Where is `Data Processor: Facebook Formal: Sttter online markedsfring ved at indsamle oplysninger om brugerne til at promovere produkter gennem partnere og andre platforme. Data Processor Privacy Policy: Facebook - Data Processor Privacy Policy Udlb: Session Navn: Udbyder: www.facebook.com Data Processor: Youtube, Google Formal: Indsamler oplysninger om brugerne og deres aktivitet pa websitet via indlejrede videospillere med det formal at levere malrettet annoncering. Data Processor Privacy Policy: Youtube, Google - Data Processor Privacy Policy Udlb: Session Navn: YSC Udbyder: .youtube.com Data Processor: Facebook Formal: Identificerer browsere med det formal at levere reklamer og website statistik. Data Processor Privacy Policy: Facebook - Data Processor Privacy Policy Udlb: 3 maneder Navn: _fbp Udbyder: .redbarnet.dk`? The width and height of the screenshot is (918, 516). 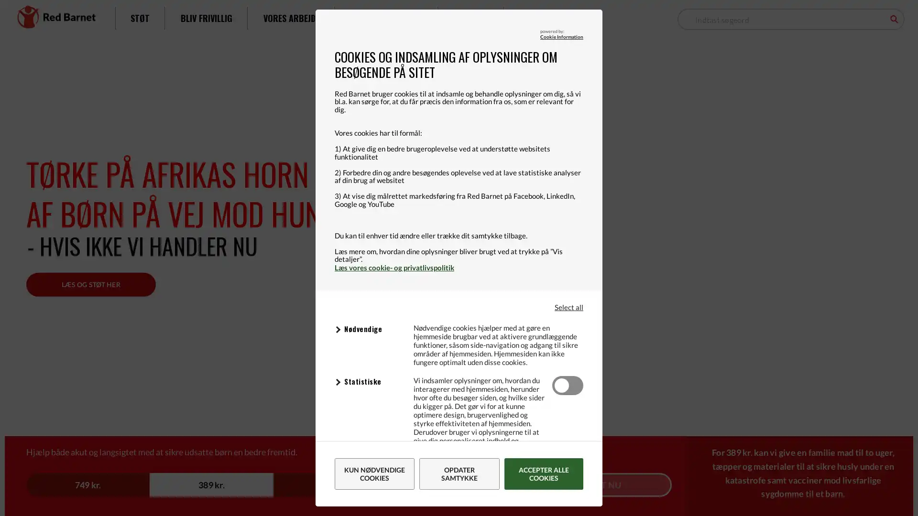 Data Processor: Facebook Formal: Sttter online markedsfring ved at indsamle oplysninger om brugerne til at promovere produkter gennem partnere og andre platforme. Data Processor Privacy Policy: Facebook - Data Processor Privacy Policy Udlb: Session Navn: Udbyder: www.facebook.com Data Processor: Youtube, Google Formal: Indsamler oplysninger om brugerne og deres aktivitet pa websitet via indlejrede videospillere med det formal at levere malrettet annoncering. Data Processor Privacy Policy: Youtube, Google - Data Processor Privacy Policy Udlb: Session Navn: YSC Udbyder: .youtube.com Data Processor: Facebook Formal: Identificerer browsere med det formal at levere reklamer og website statistik. Data Processor Privacy Policy: Facebook - Data Processor Privacy Policy Udlb: 3 maneder Navn: _fbp Udbyder: .redbarnet.dk is located at coordinates (369, 469).